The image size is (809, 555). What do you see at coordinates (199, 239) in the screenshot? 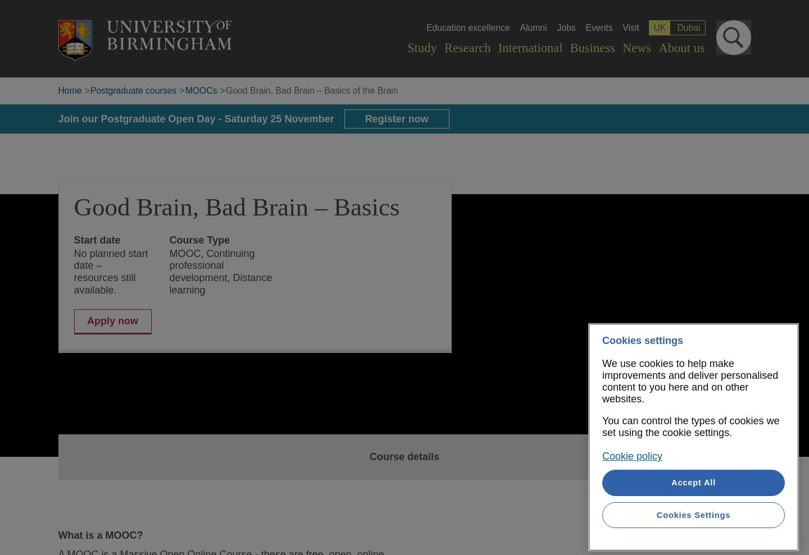
I see `'Course Type'` at bounding box center [199, 239].